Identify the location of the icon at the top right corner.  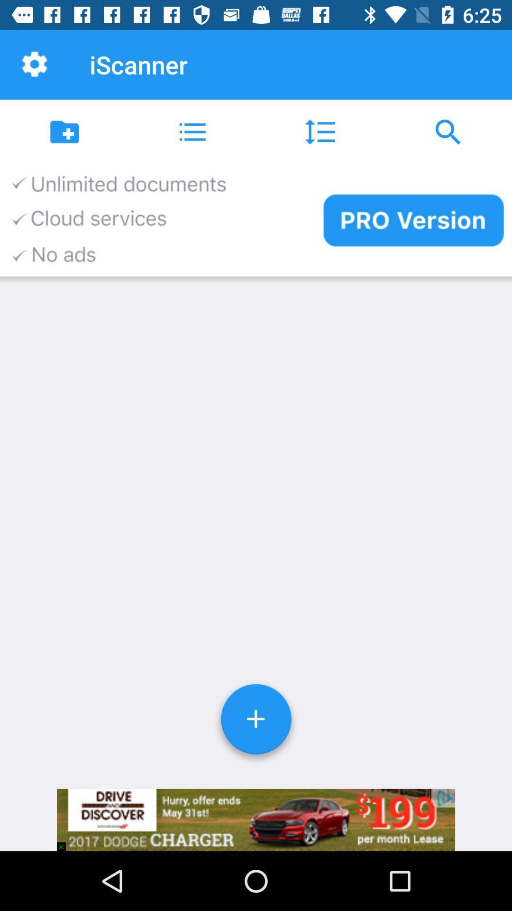
(448, 131).